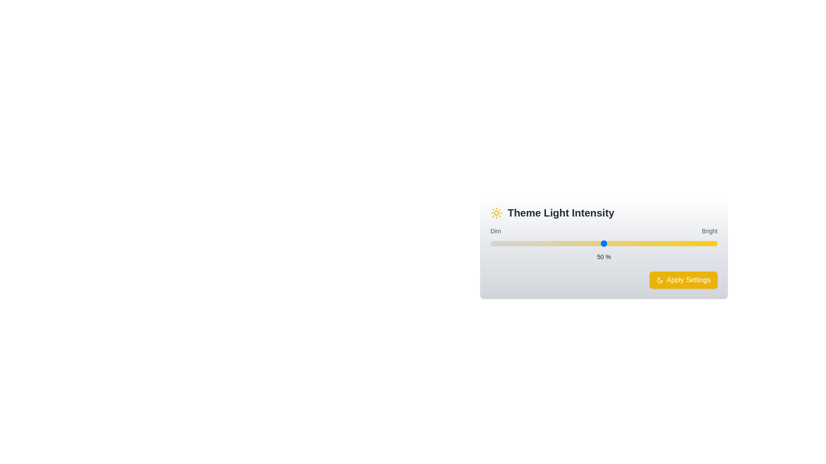  I want to click on the light intensity to 3% by interacting with the slider, so click(497, 244).